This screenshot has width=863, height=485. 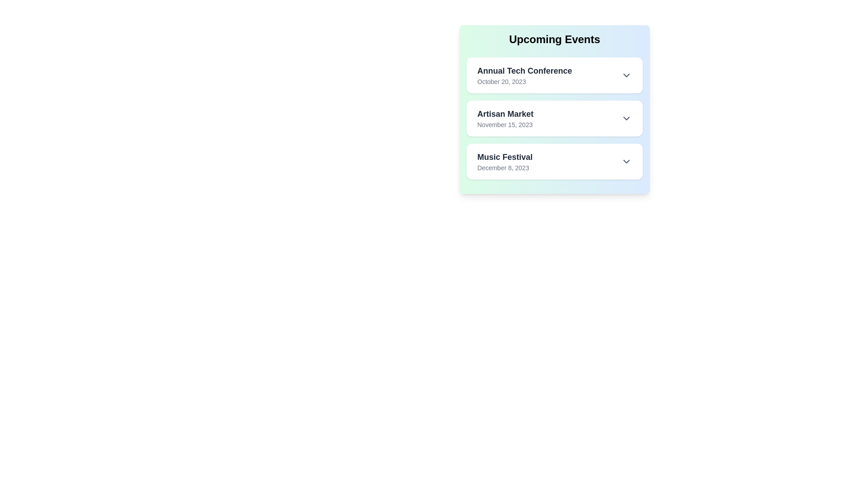 I want to click on the 'Music Festival' static text label, which is the top line in the third group of the 'Upcoming Events' list, to access related elements in its group, so click(x=505, y=157).